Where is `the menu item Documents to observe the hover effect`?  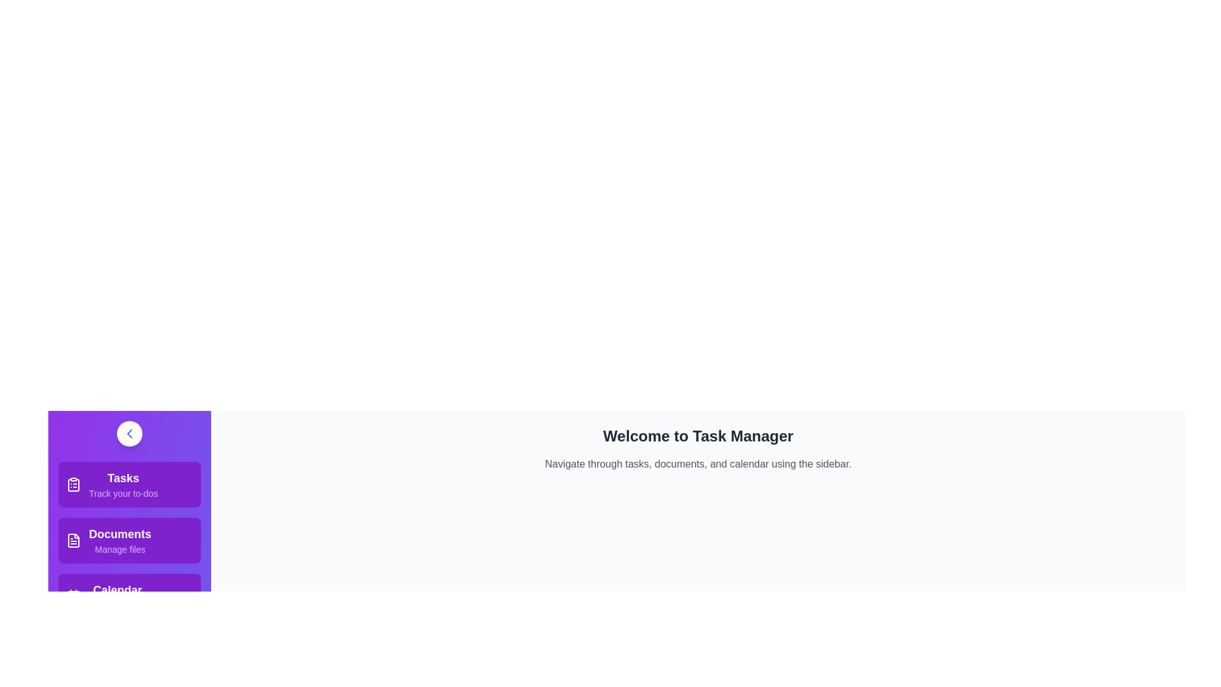
the menu item Documents to observe the hover effect is located at coordinates (129, 540).